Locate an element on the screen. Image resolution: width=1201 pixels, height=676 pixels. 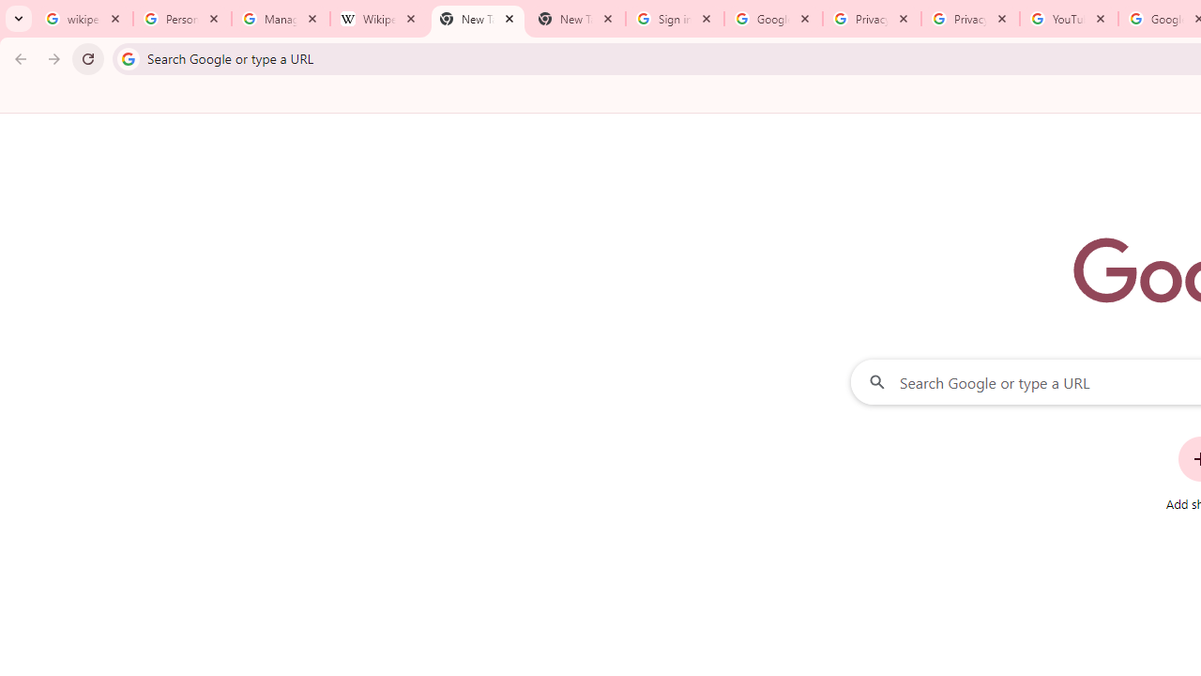
'Google Drive: Sign-in' is located at coordinates (773, 19).